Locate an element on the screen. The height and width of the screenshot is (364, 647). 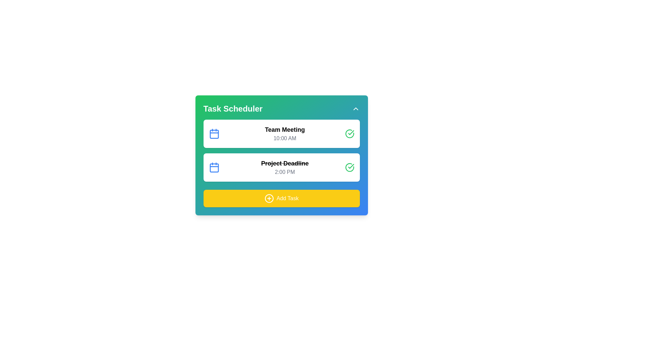
the static text label indicating the scheduled time for the task 'Project Deadline', which is located below the task title within the second task card is located at coordinates (285, 172).